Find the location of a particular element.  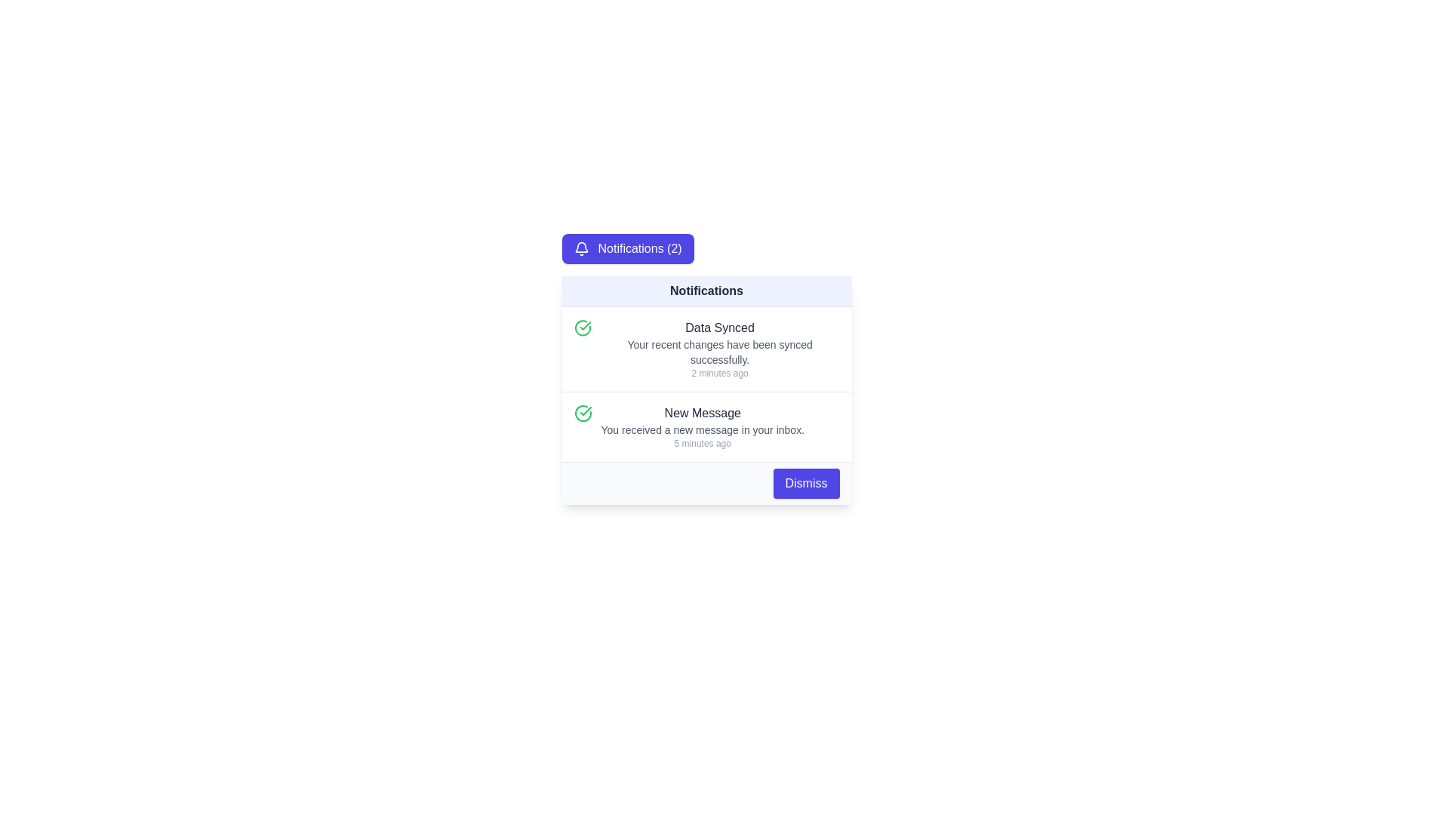

text label displaying '5 minutes ago' located at the bottom of the notification panel, below the message description is located at coordinates (702, 442).